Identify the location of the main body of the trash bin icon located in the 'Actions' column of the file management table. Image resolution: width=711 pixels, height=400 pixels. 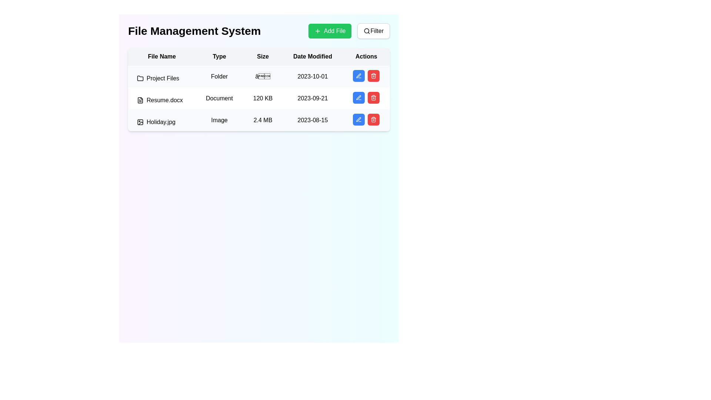
(374, 76).